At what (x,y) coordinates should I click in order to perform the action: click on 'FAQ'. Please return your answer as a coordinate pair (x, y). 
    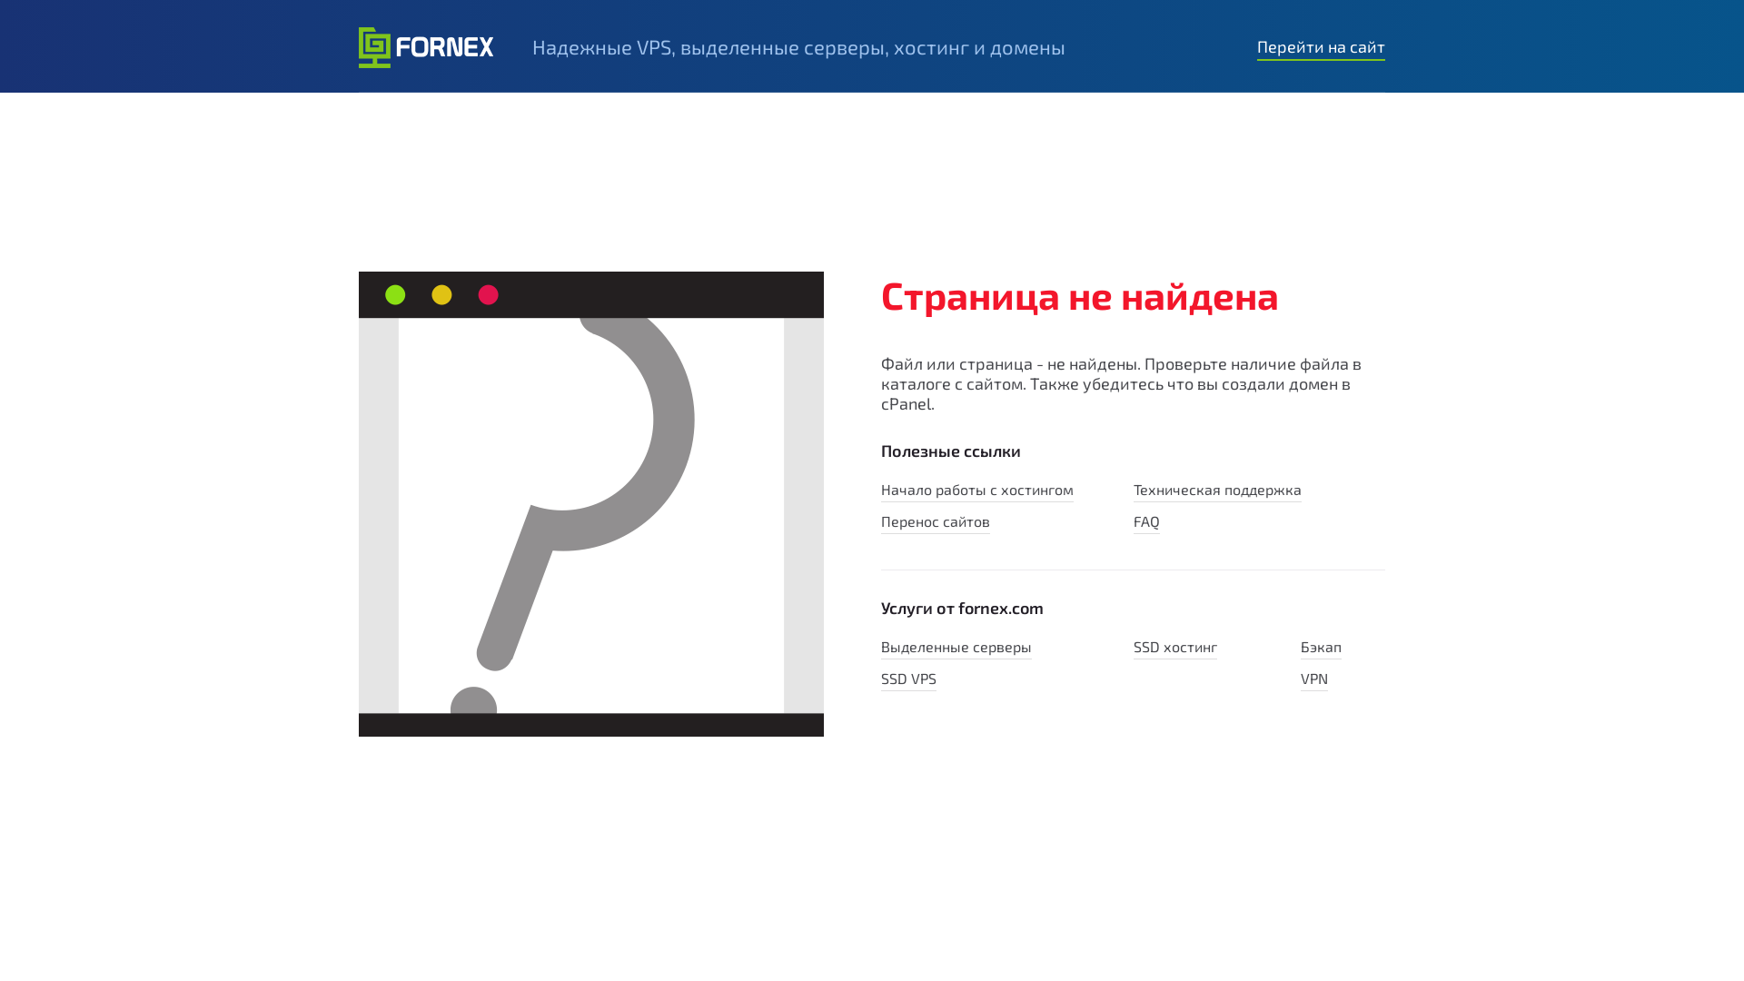
    Looking at the image, I should click on (1145, 522).